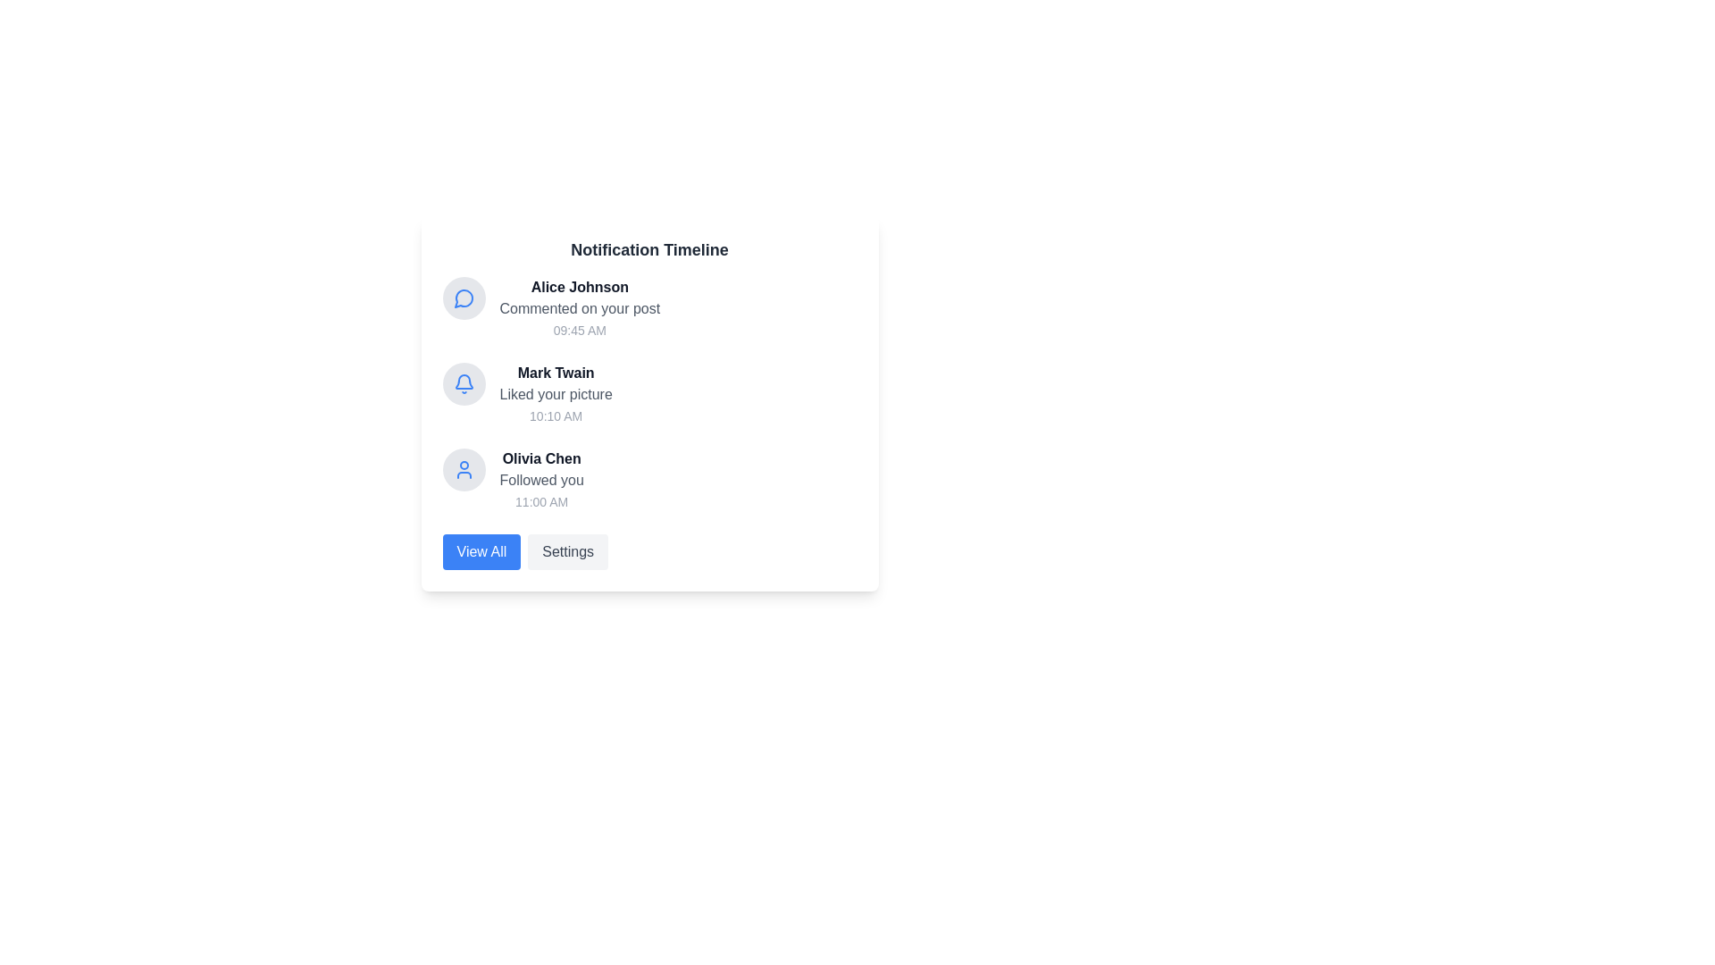 This screenshot has height=965, width=1715. What do you see at coordinates (540, 502) in the screenshot?
I see `the timestamp Text Label located within the notification entry for 'Olivia Chen', positioned below 'Followed you'` at bounding box center [540, 502].